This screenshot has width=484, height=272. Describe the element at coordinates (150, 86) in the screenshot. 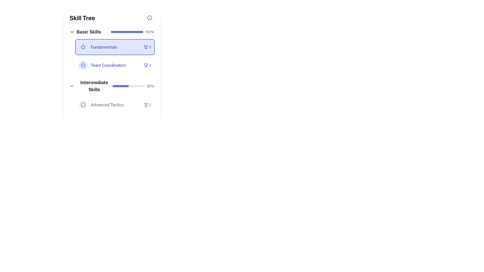

I see `the text label displaying the progress percentage for the 'Intermediate Skills' section, located to the right of the progress bar indicating 50% completion` at that location.